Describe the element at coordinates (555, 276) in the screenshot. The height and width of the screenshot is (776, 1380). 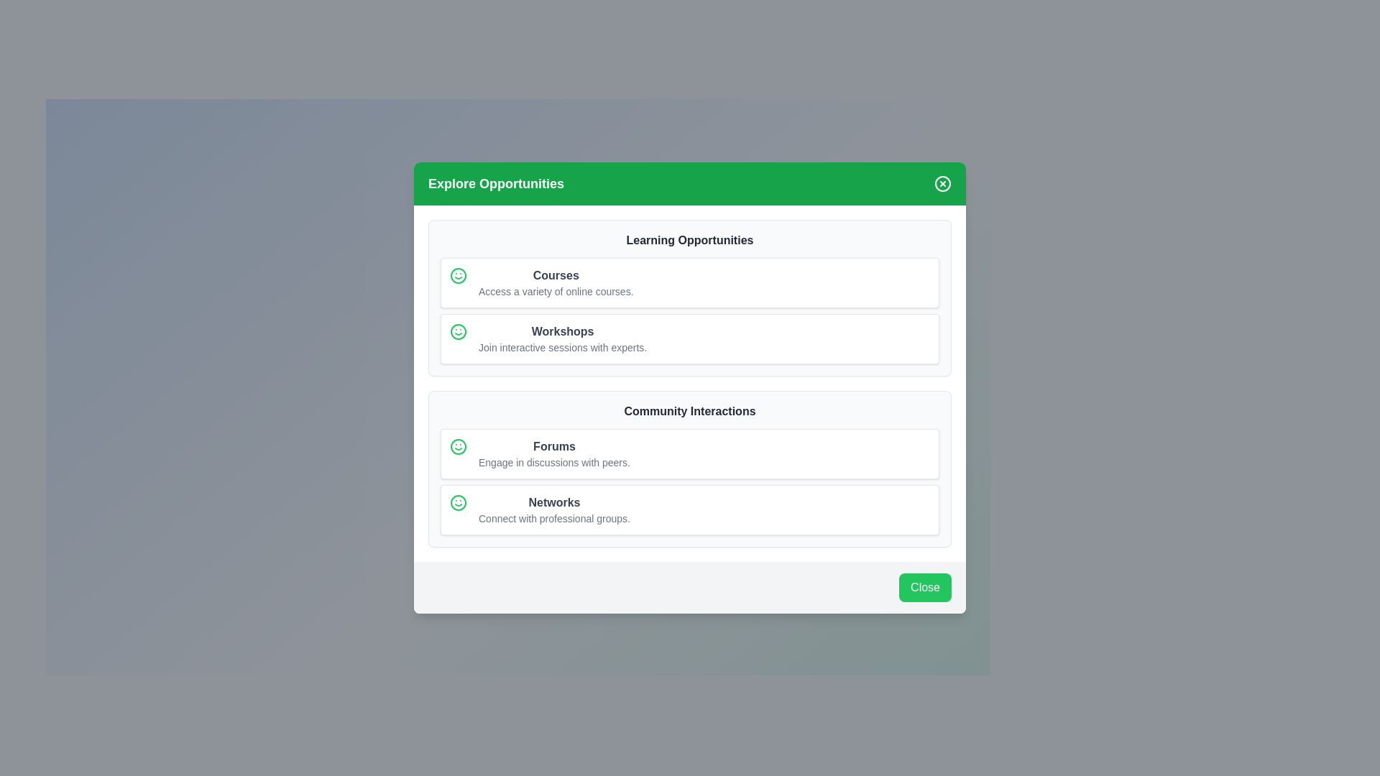
I see `the 'Courses' text label element, which is styled in gray with a bold font and located in the 'Learning Opportunities' section of the interface` at that location.